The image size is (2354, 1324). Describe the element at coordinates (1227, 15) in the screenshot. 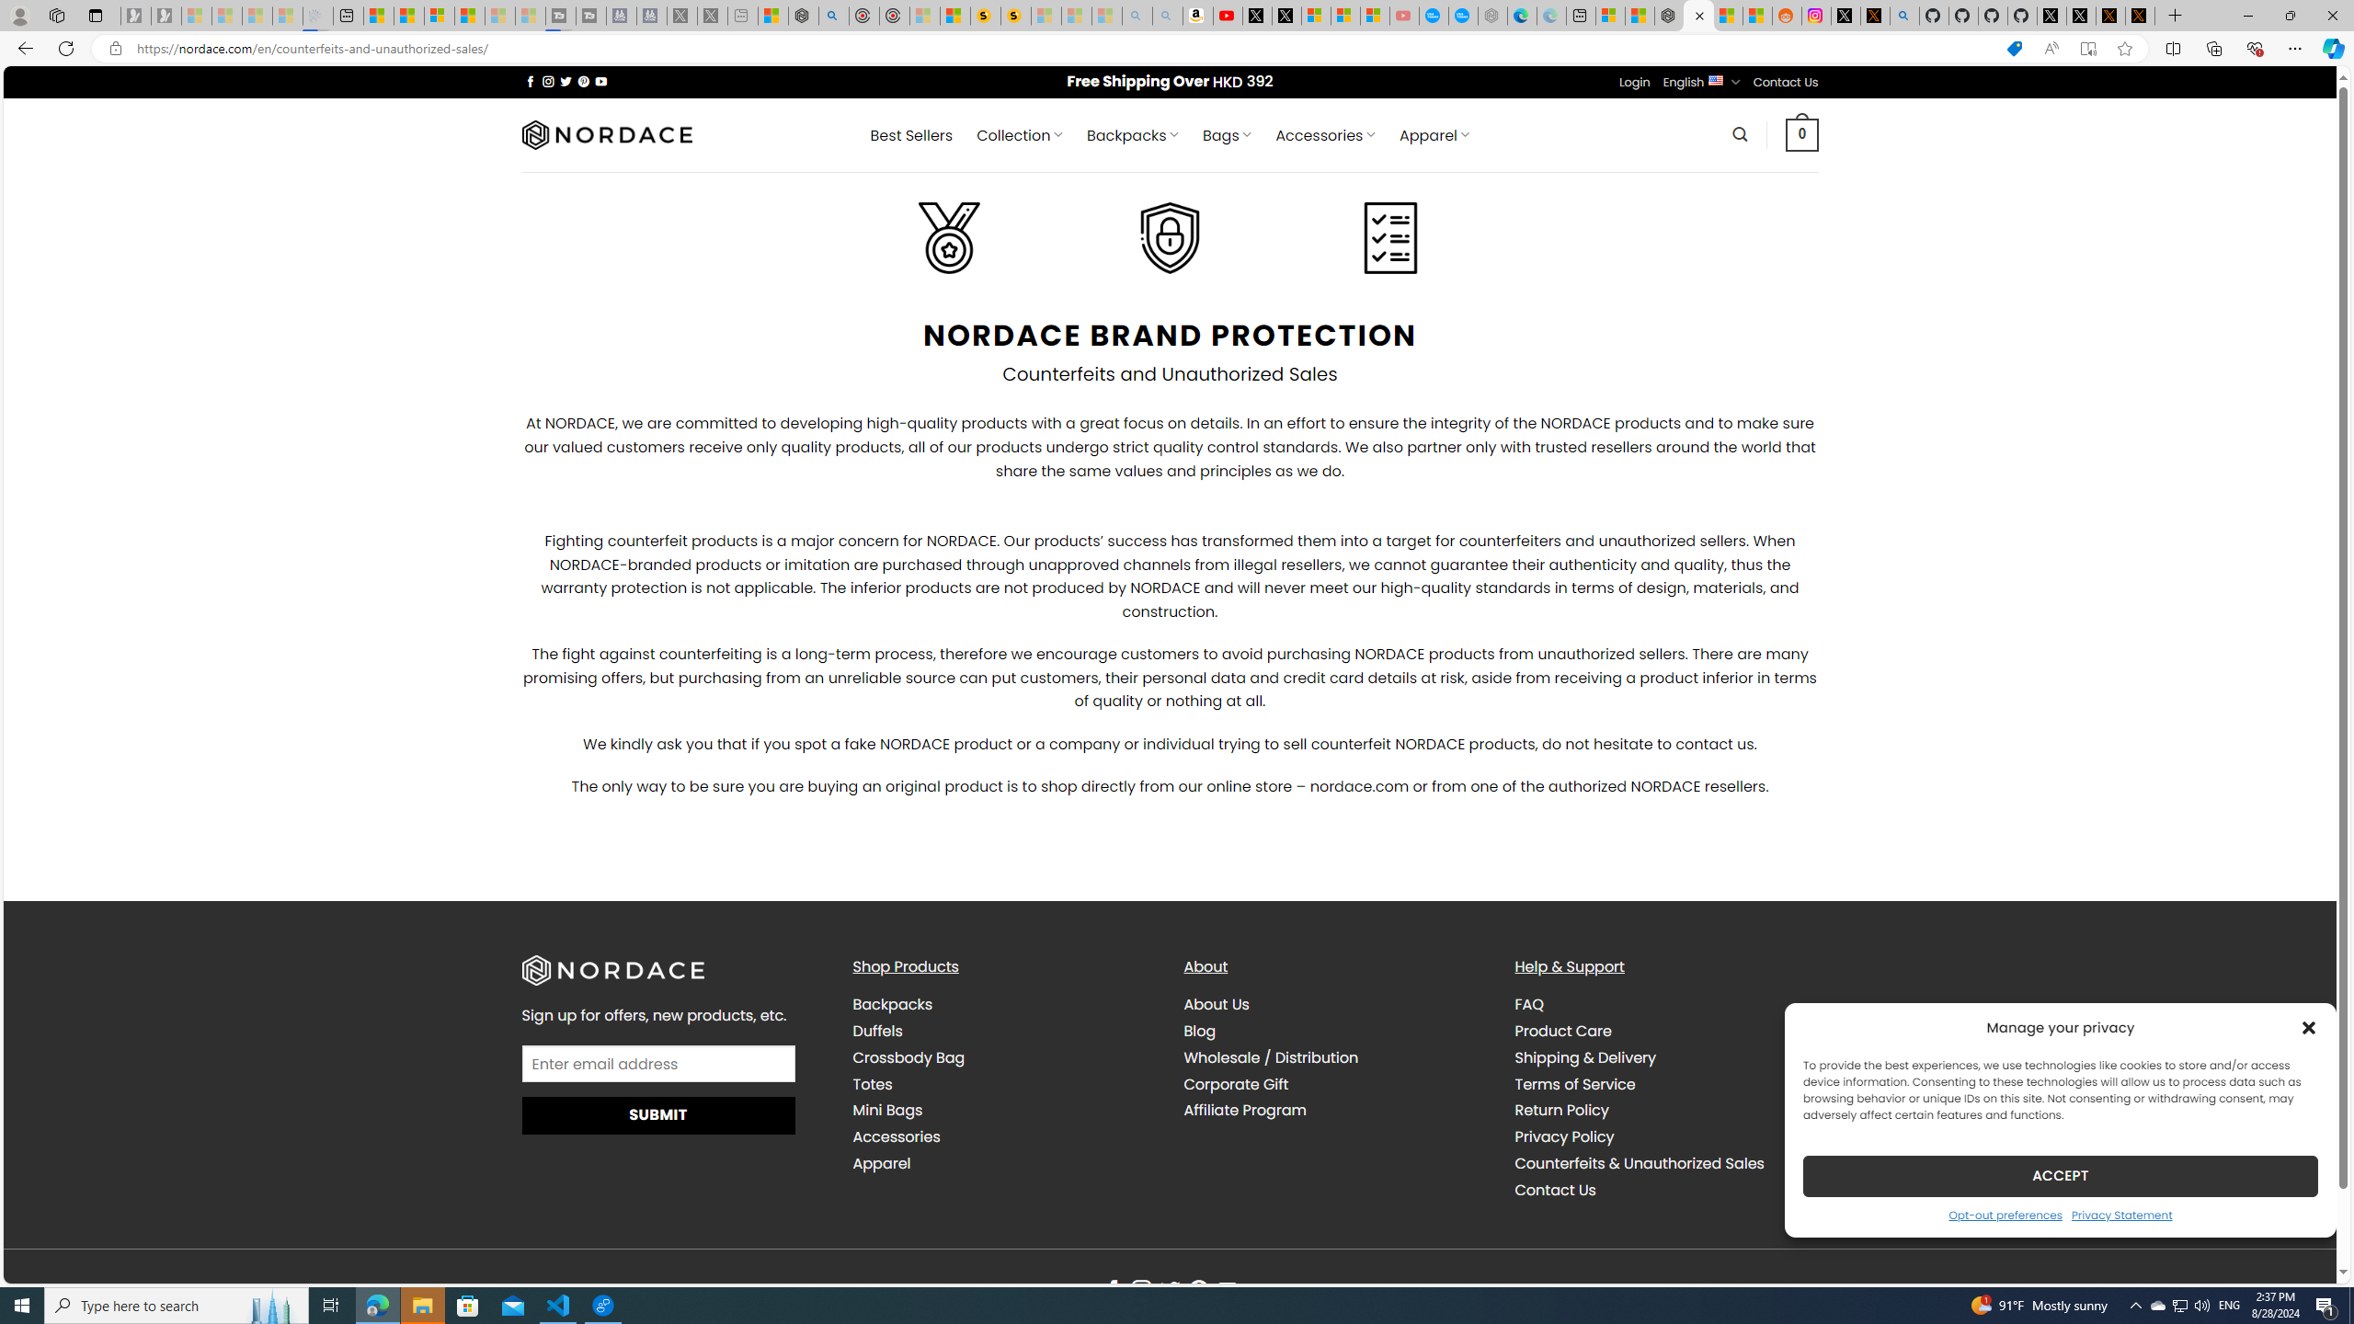

I see `'Day 1: Arriving in Yemen (surreal to be here) - YouTube'` at that location.